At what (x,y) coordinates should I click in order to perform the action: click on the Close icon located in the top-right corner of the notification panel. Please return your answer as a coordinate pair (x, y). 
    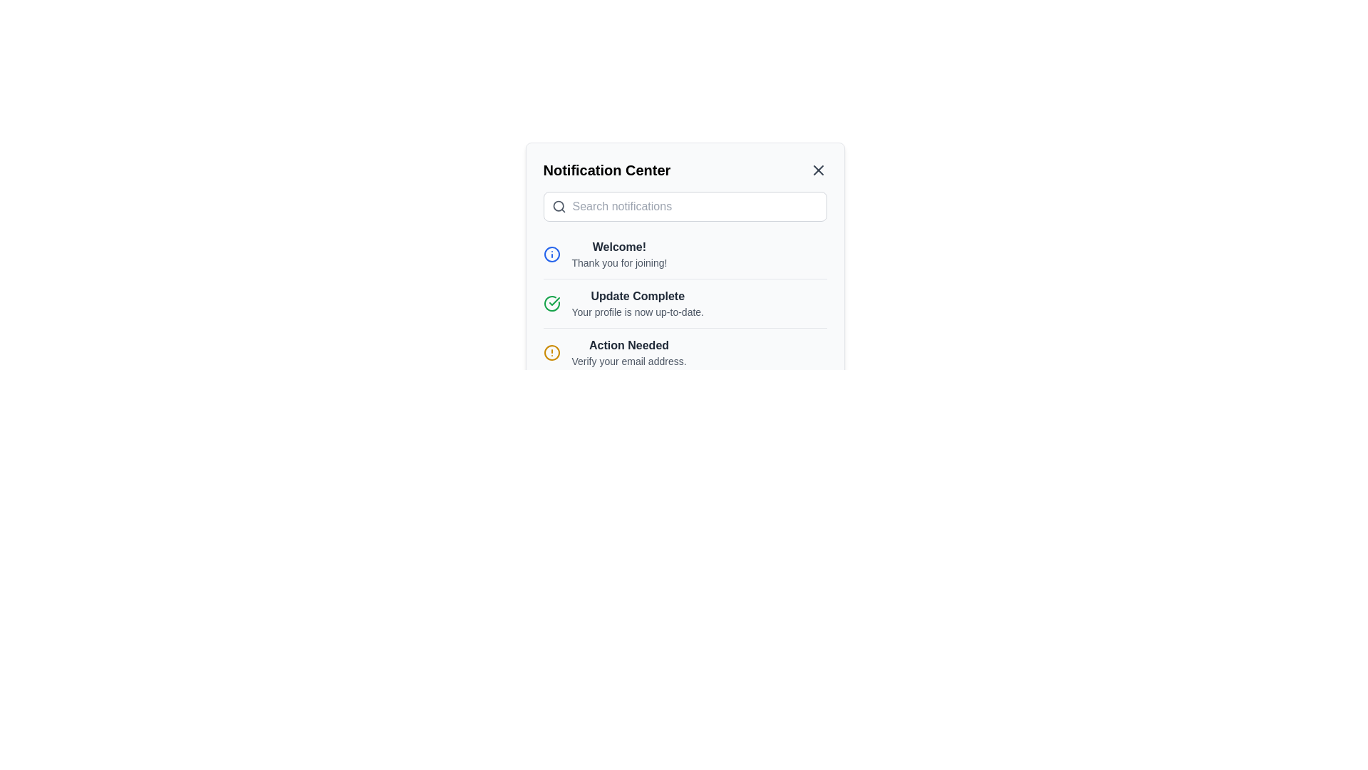
    Looking at the image, I should click on (818, 170).